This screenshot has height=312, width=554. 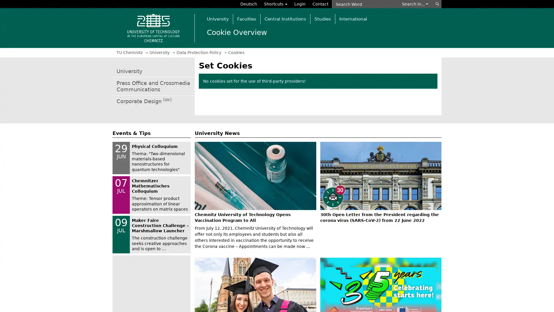 What do you see at coordinates (217, 18) in the screenshot?
I see `University` at bounding box center [217, 18].